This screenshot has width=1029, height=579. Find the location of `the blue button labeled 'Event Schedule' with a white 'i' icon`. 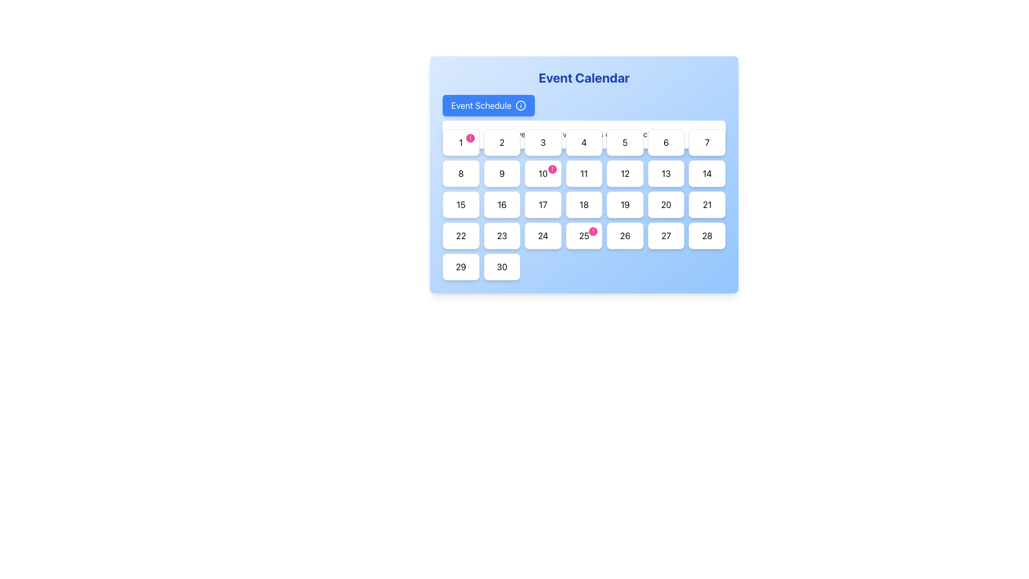

the blue button labeled 'Event Schedule' with a white 'i' icon is located at coordinates (488, 105).